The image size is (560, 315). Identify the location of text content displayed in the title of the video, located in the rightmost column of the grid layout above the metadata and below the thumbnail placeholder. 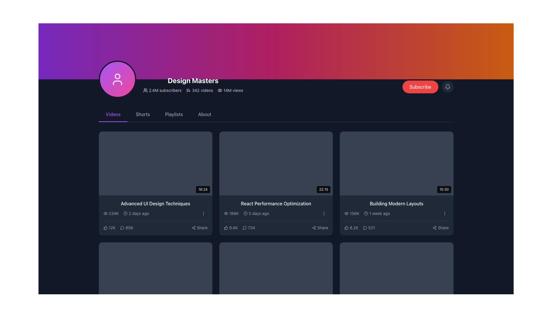
(396, 203).